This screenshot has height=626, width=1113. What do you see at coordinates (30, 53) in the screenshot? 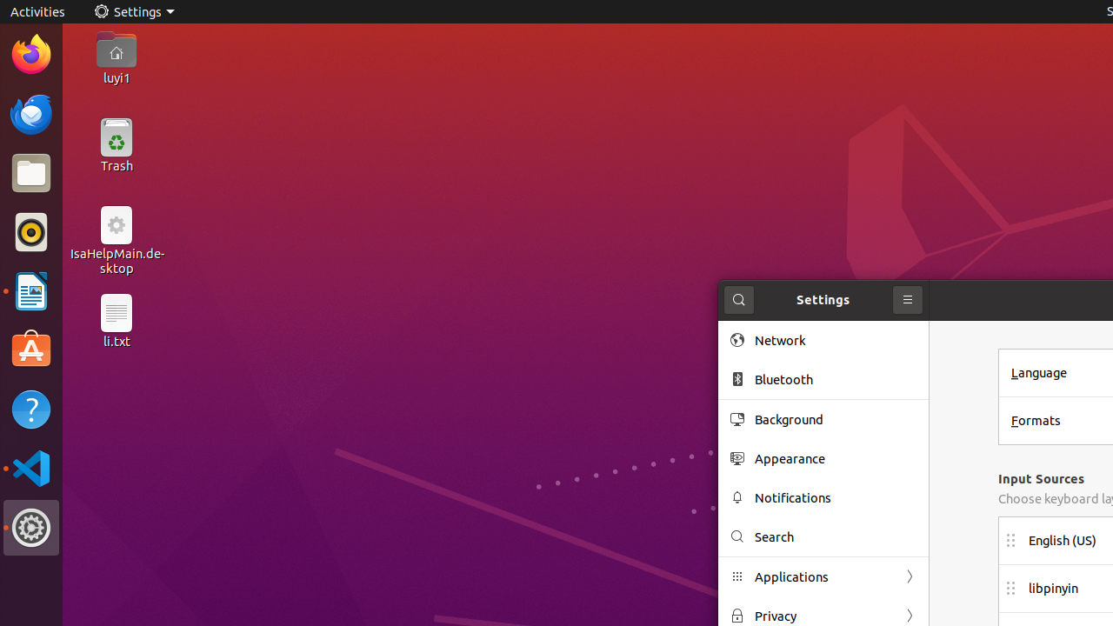
I see `'Firefox Web Browser'` at bounding box center [30, 53].